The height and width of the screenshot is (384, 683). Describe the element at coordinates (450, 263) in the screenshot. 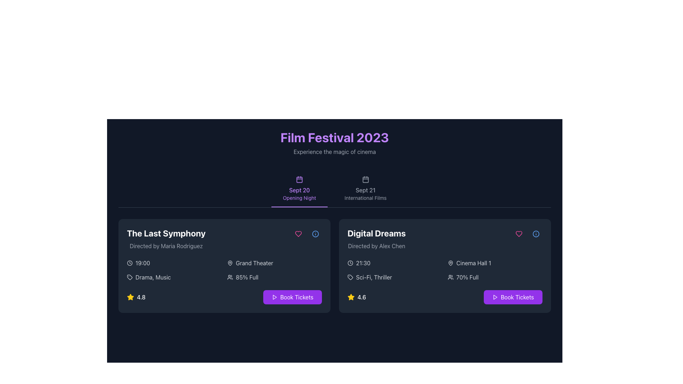

I see `the marker icon representing a point of interest in the 'Cinema Hall 1' section of the 'Digital Dreams' card, located at the middle right section of the layout` at that location.